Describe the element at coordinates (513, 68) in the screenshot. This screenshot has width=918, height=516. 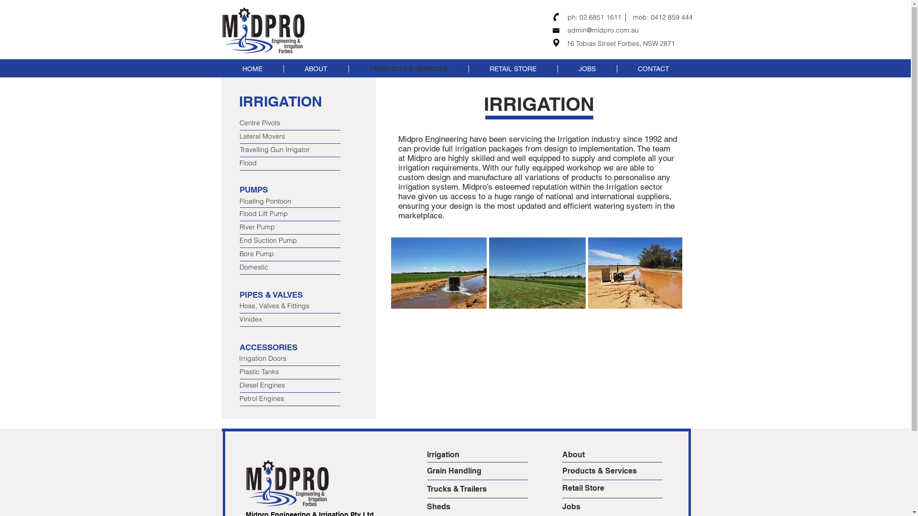
I see `'RETAIL STORE'` at that location.